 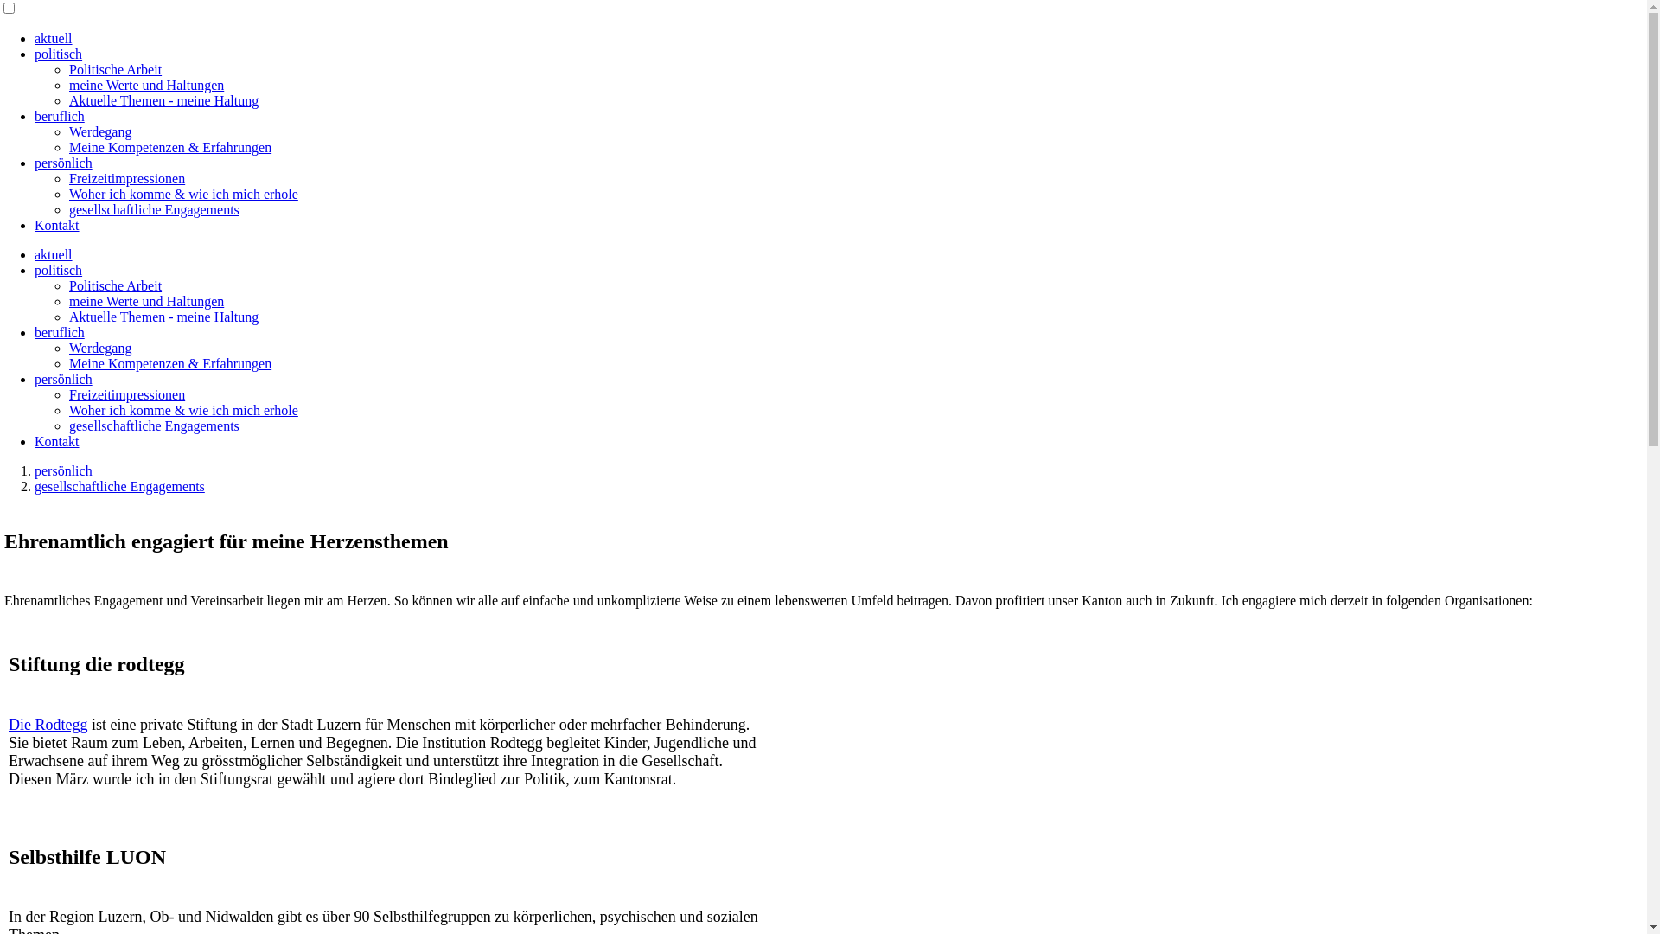 I want to click on 'Aktuelle Themen - meine Haltung', so click(x=163, y=317).